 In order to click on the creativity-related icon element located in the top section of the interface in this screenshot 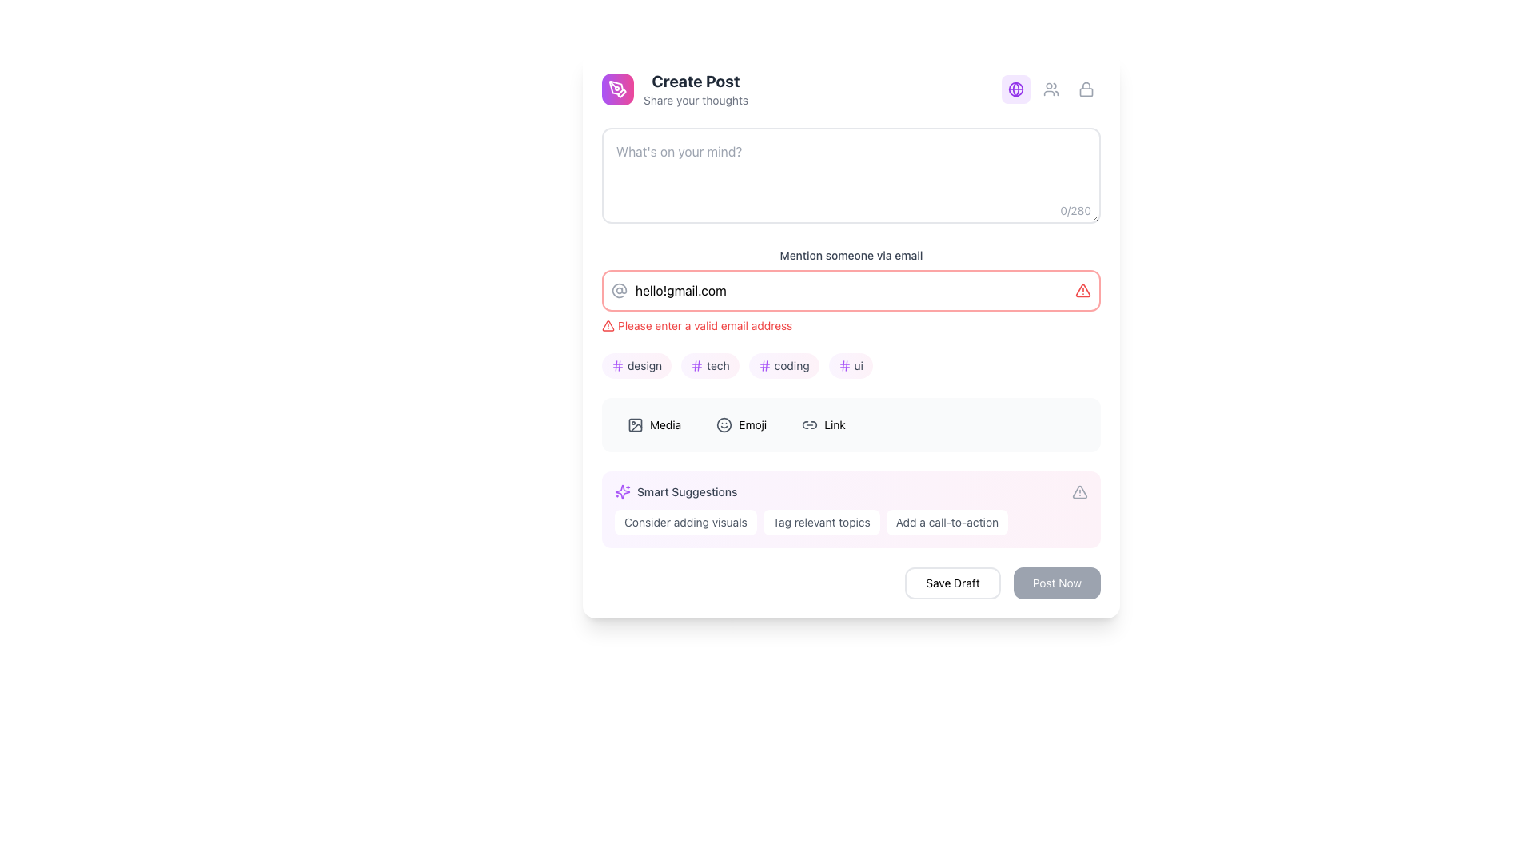, I will do `click(616, 89)`.